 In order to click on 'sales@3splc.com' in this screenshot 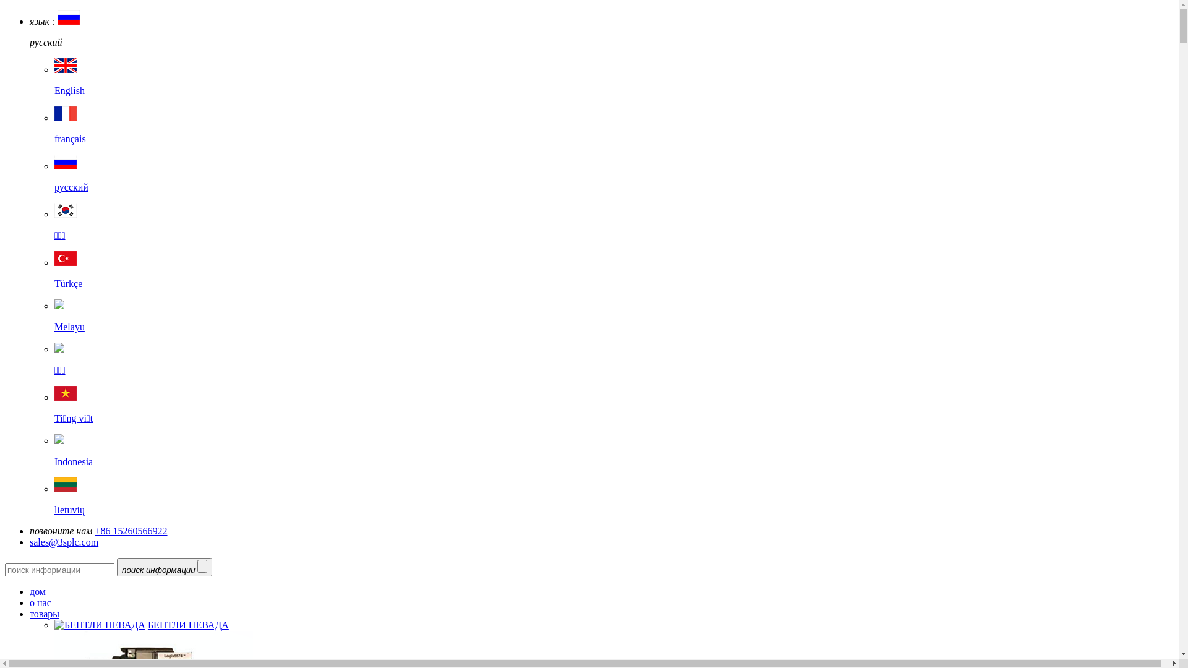, I will do `click(30, 541)`.